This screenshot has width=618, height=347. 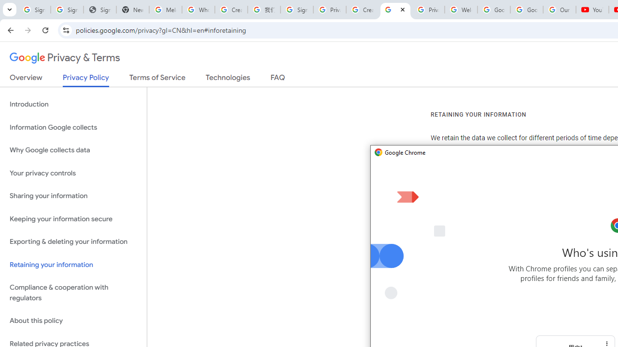 What do you see at coordinates (73, 293) in the screenshot?
I see `'Compliance & cooperation with regulators'` at bounding box center [73, 293].